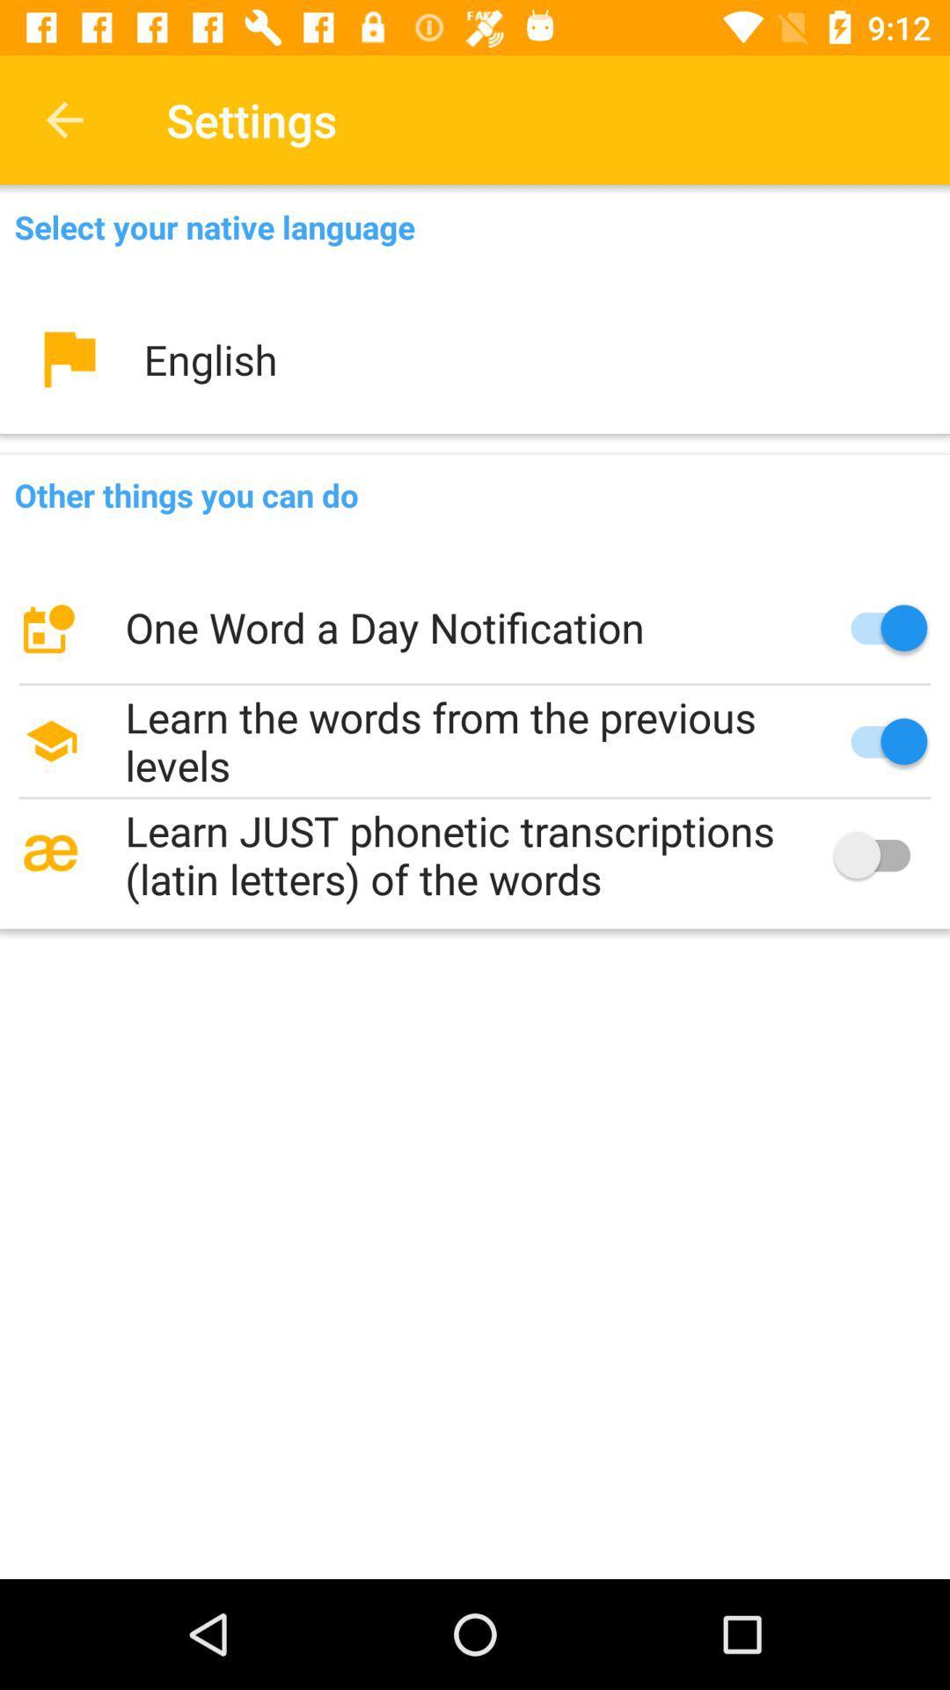  What do you see at coordinates (63, 119) in the screenshot?
I see `item to the left of the settings item` at bounding box center [63, 119].